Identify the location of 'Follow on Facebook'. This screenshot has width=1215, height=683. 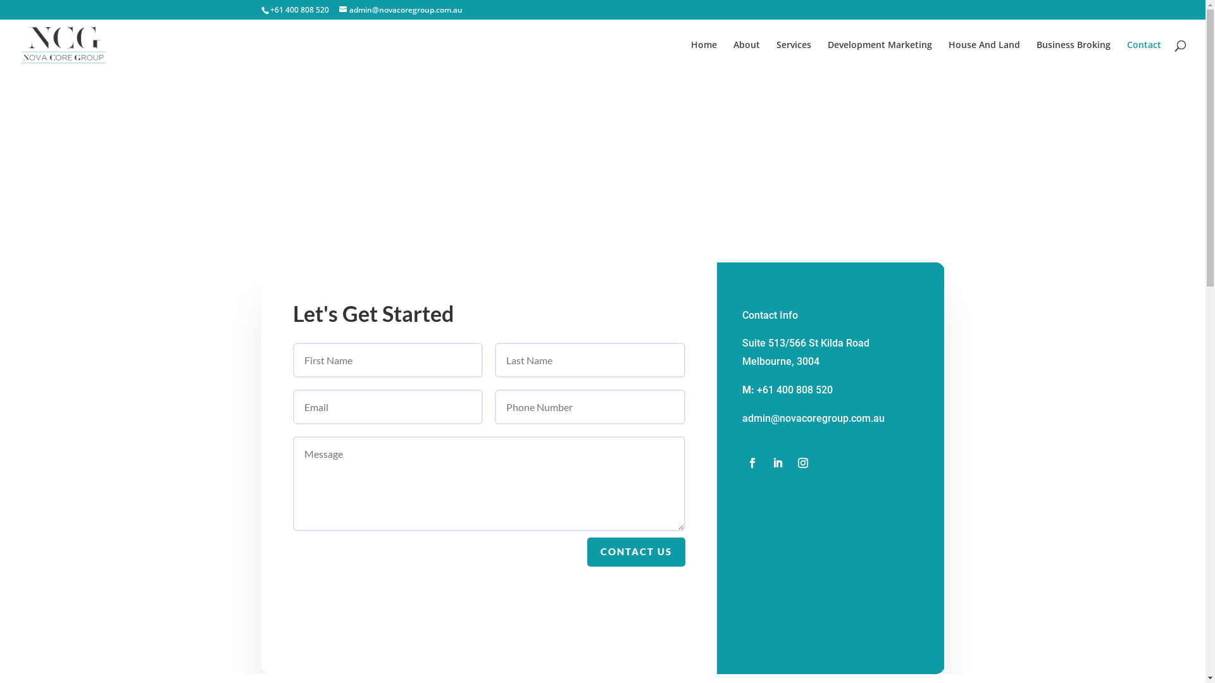
(752, 463).